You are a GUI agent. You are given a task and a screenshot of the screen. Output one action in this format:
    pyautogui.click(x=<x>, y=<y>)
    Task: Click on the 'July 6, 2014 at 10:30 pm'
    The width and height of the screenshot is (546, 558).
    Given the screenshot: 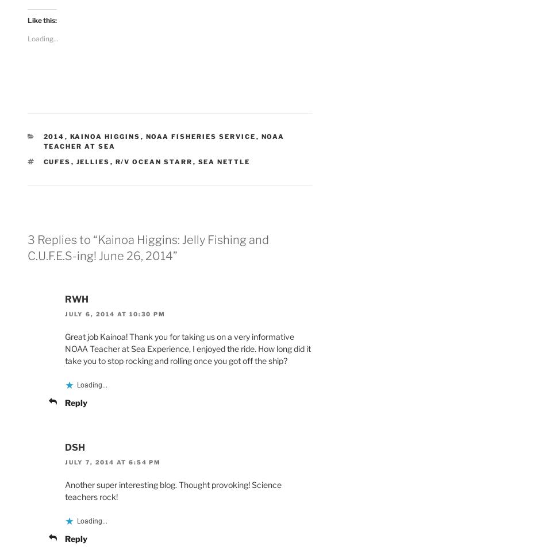 What is the action you would take?
    pyautogui.click(x=114, y=314)
    